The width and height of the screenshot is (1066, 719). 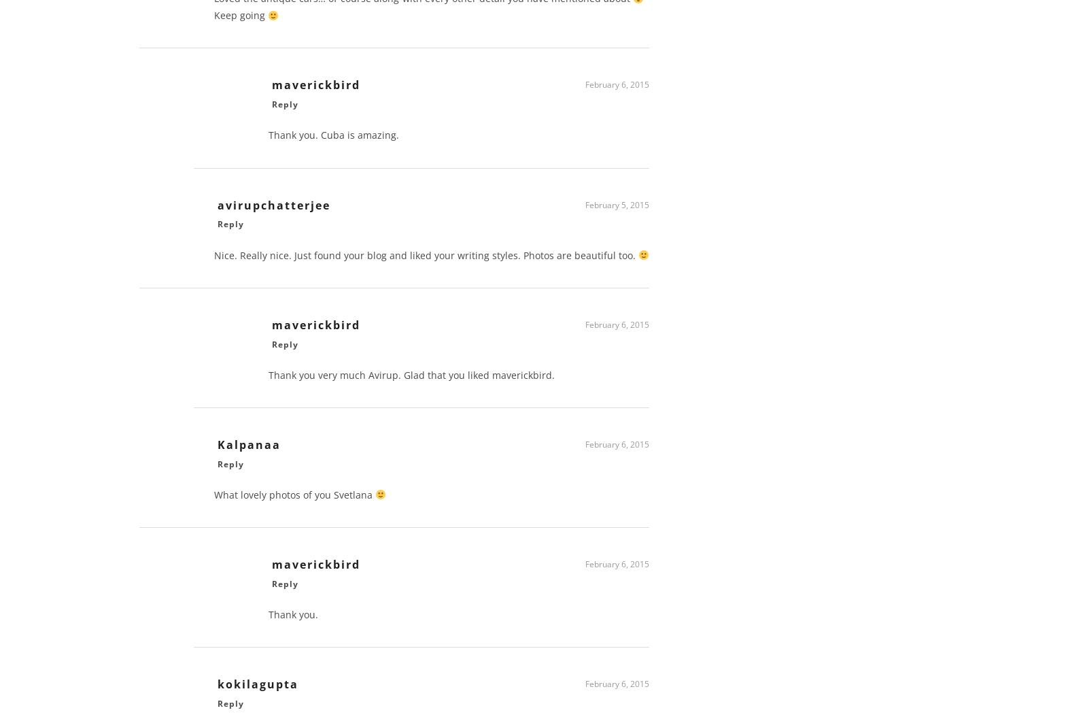 What do you see at coordinates (268, 619) in the screenshot?
I see `'Thank you.'` at bounding box center [268, 619].